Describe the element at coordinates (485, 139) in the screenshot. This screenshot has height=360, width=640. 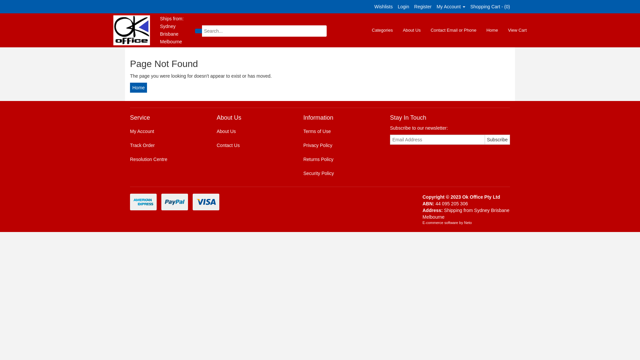
I see `'Subscribe'` at that location.